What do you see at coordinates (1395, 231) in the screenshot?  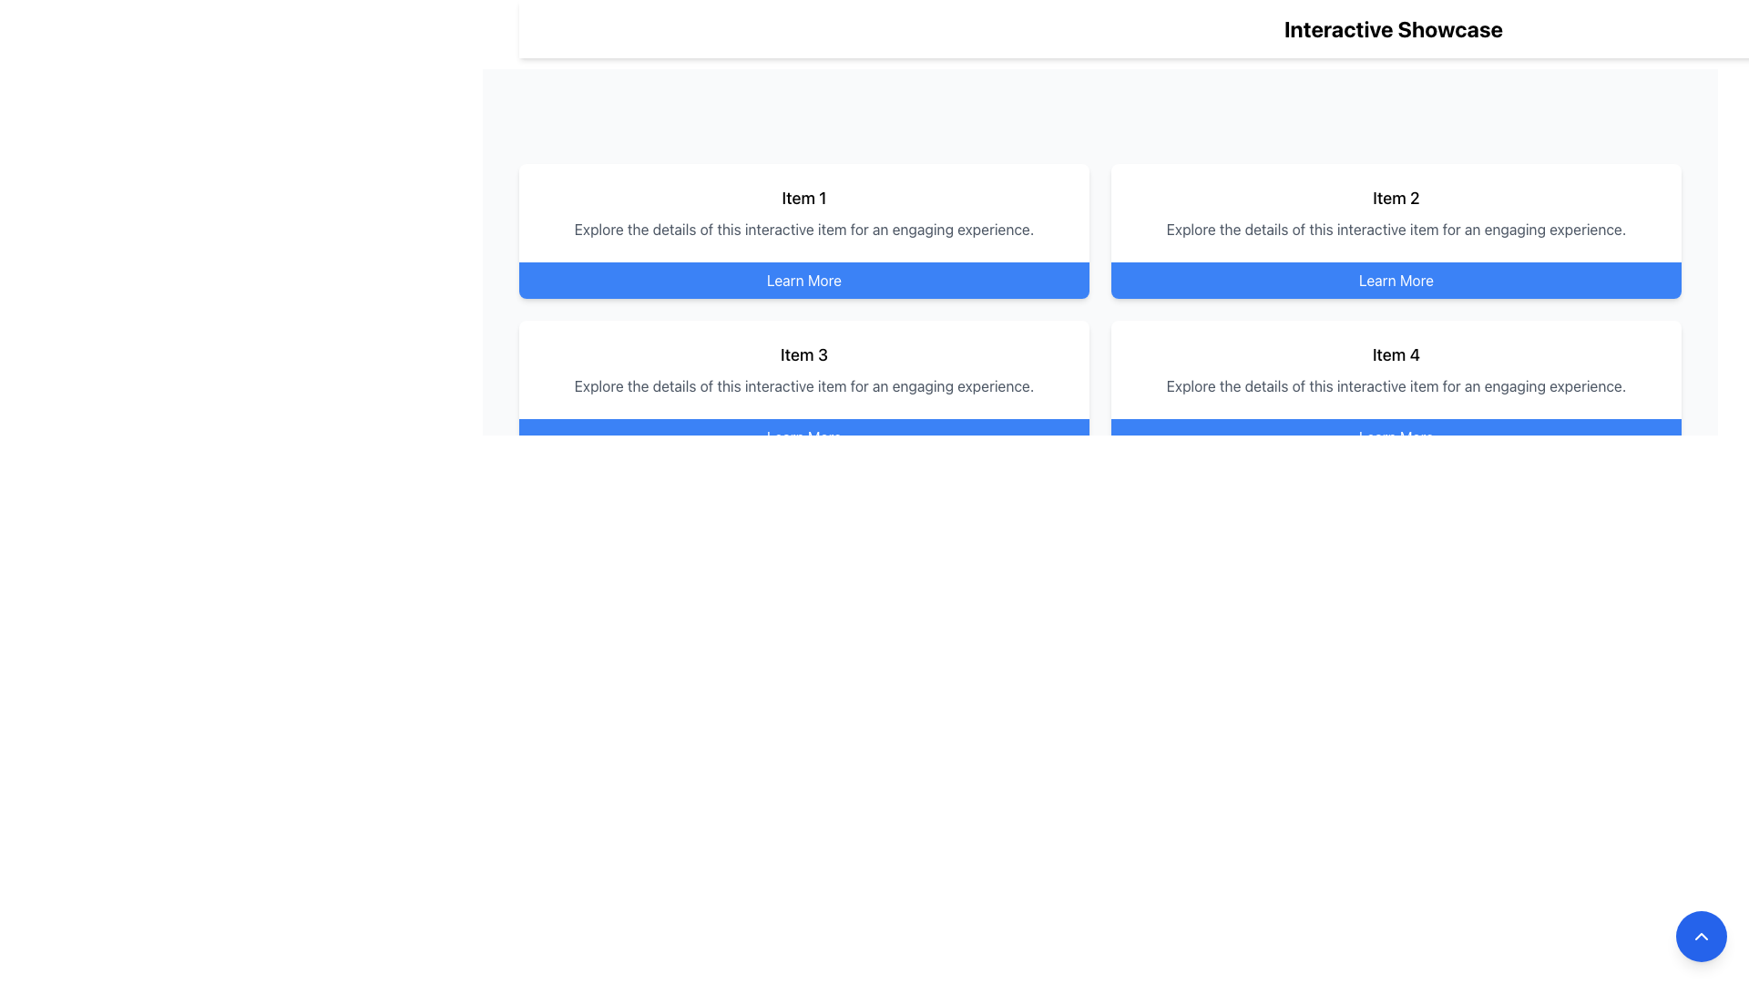 I see `the card labeled 'Item 2' which contains the description and a 'Learn More' button, located in the second column of the first row in the 'Interactive Showcase' section` at bounding box center [1395, 231].